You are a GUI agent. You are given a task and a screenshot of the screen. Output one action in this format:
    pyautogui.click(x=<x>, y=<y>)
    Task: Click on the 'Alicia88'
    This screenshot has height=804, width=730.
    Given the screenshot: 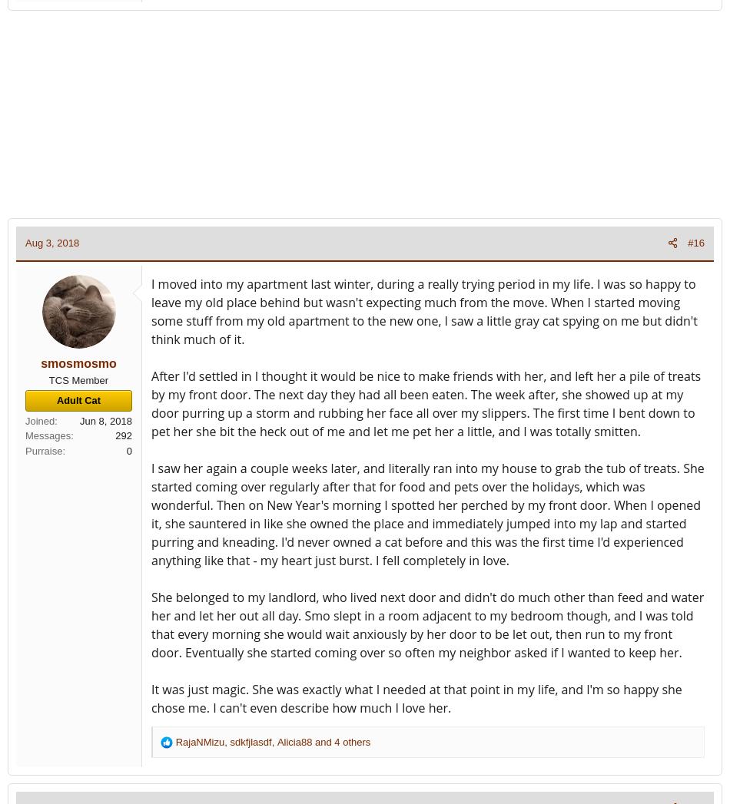 What is the action you would take?
    pyautogui.click(x=294, y=740)
    